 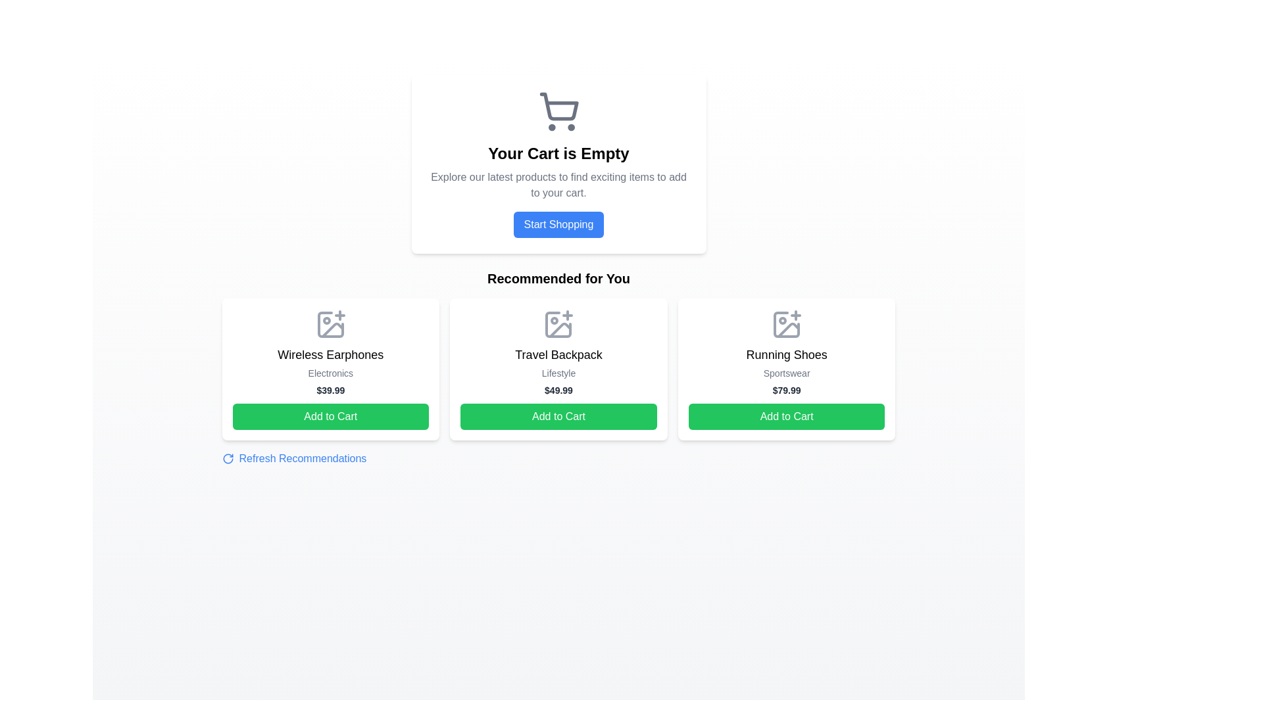 What do you see at coordinates (787, 373) in the screenshot?
I see `the static text label reading 'Sportswear' located below the 'Running Shoes' title in the bottom-right card of the 'Recommended for You' section` at bounding box center [787, 373].